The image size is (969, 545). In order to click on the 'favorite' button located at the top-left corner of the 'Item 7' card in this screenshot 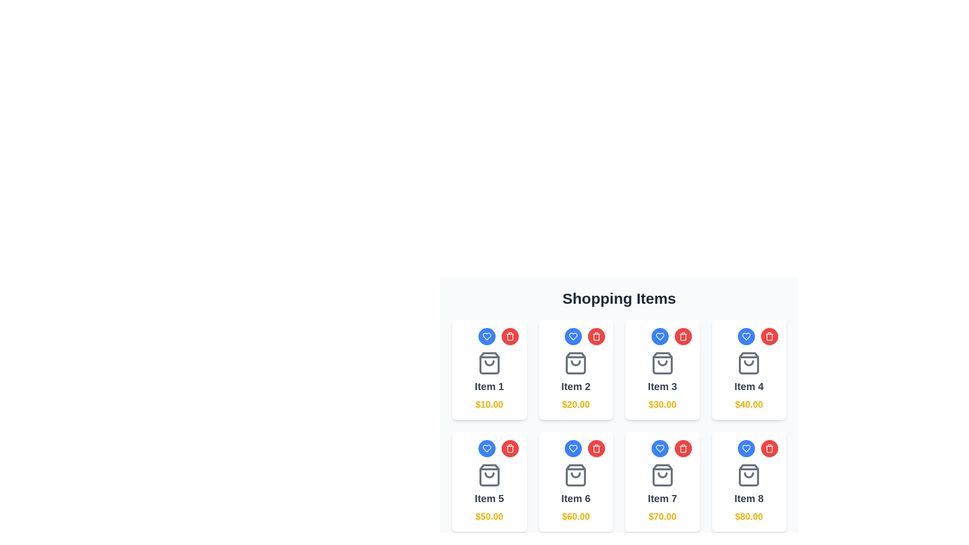, I will do `click(660, 448)`.